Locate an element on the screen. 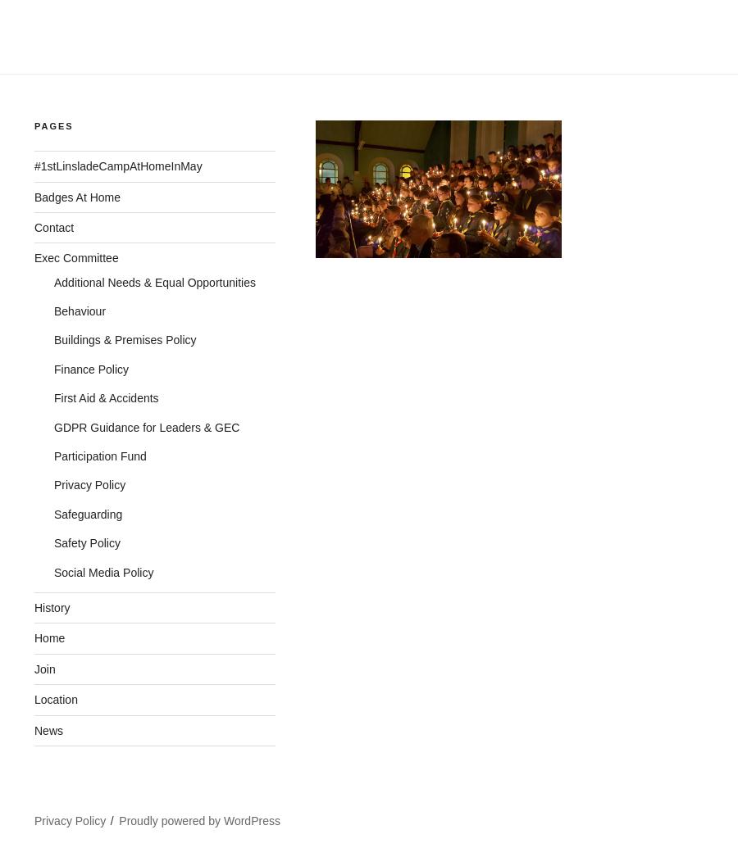  'Exec Committee' is located at coordinates (34, 256).